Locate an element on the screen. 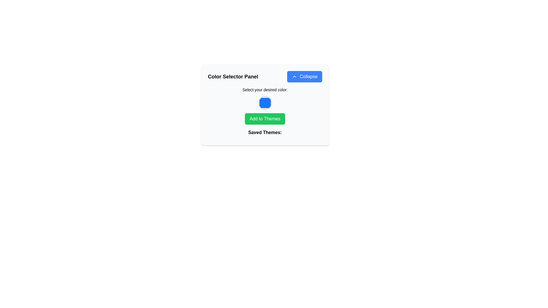  the Color selection button located in the center of the 'Color Selector Panel', positioned under 'Select your desired color:' and above the 'Add to Themes' button, and confirm the selection is located at coordinates (265, 104).